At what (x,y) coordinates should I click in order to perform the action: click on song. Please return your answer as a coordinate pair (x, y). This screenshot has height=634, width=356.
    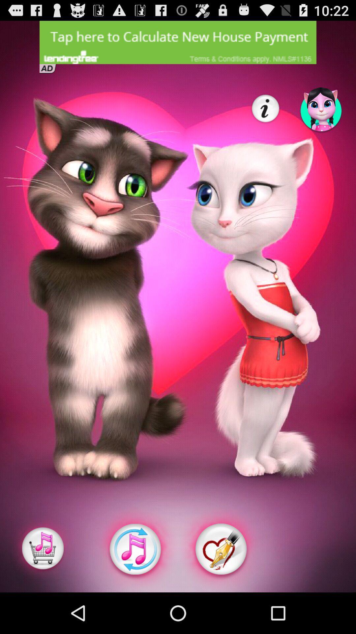
    Looking at the image, I should click on (43, 549).